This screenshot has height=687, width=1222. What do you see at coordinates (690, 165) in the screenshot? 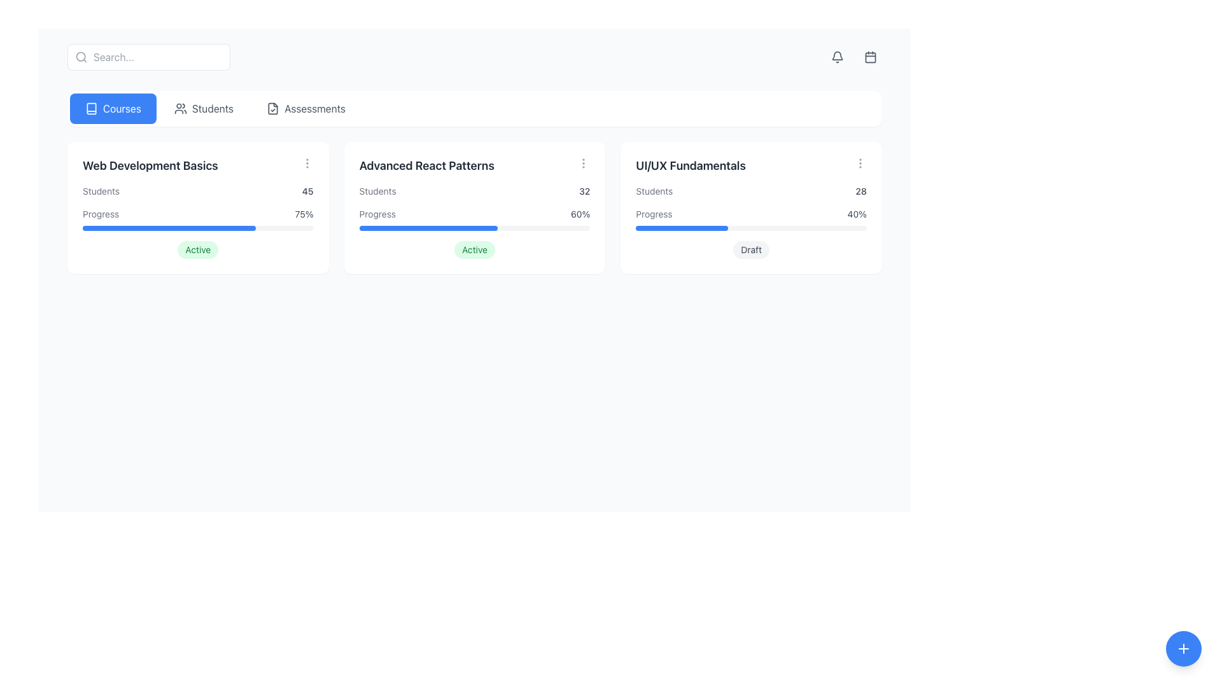
I see `text of the title located in the top portion of the third card from the left, above the details 'Students' and 'Progress.'` at bounding box center [690, 165].